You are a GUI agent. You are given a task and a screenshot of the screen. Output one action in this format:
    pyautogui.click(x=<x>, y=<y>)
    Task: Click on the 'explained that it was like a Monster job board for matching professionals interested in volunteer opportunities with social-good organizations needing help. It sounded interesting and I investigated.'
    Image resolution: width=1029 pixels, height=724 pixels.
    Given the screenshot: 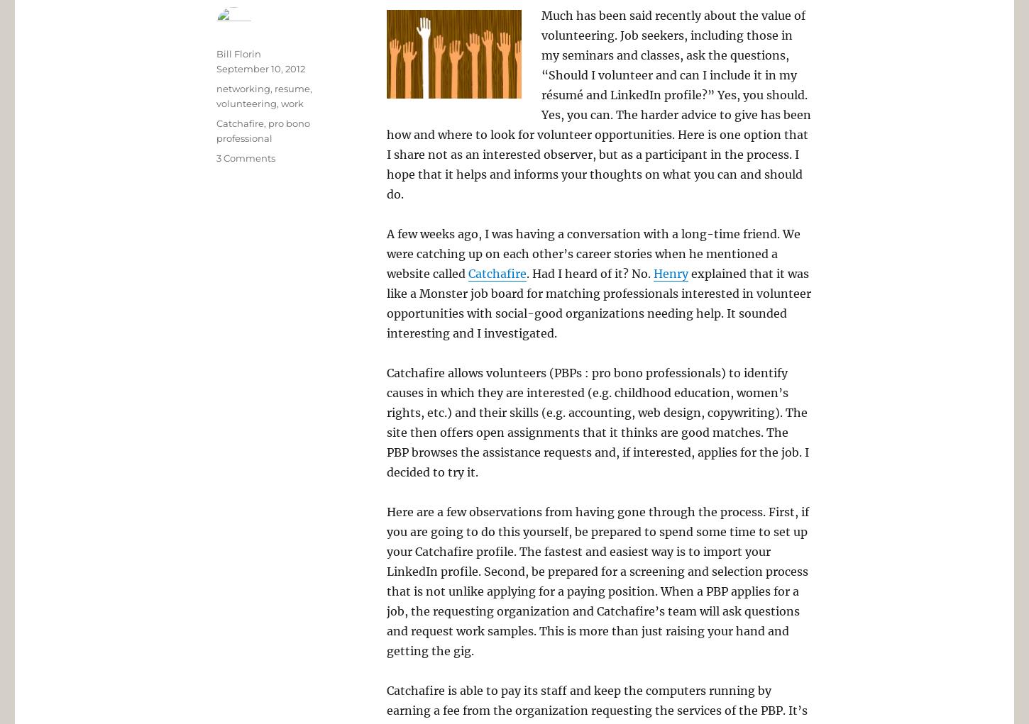 What is the action you would take?
    pyautogui.click(x=387, y=303)
    